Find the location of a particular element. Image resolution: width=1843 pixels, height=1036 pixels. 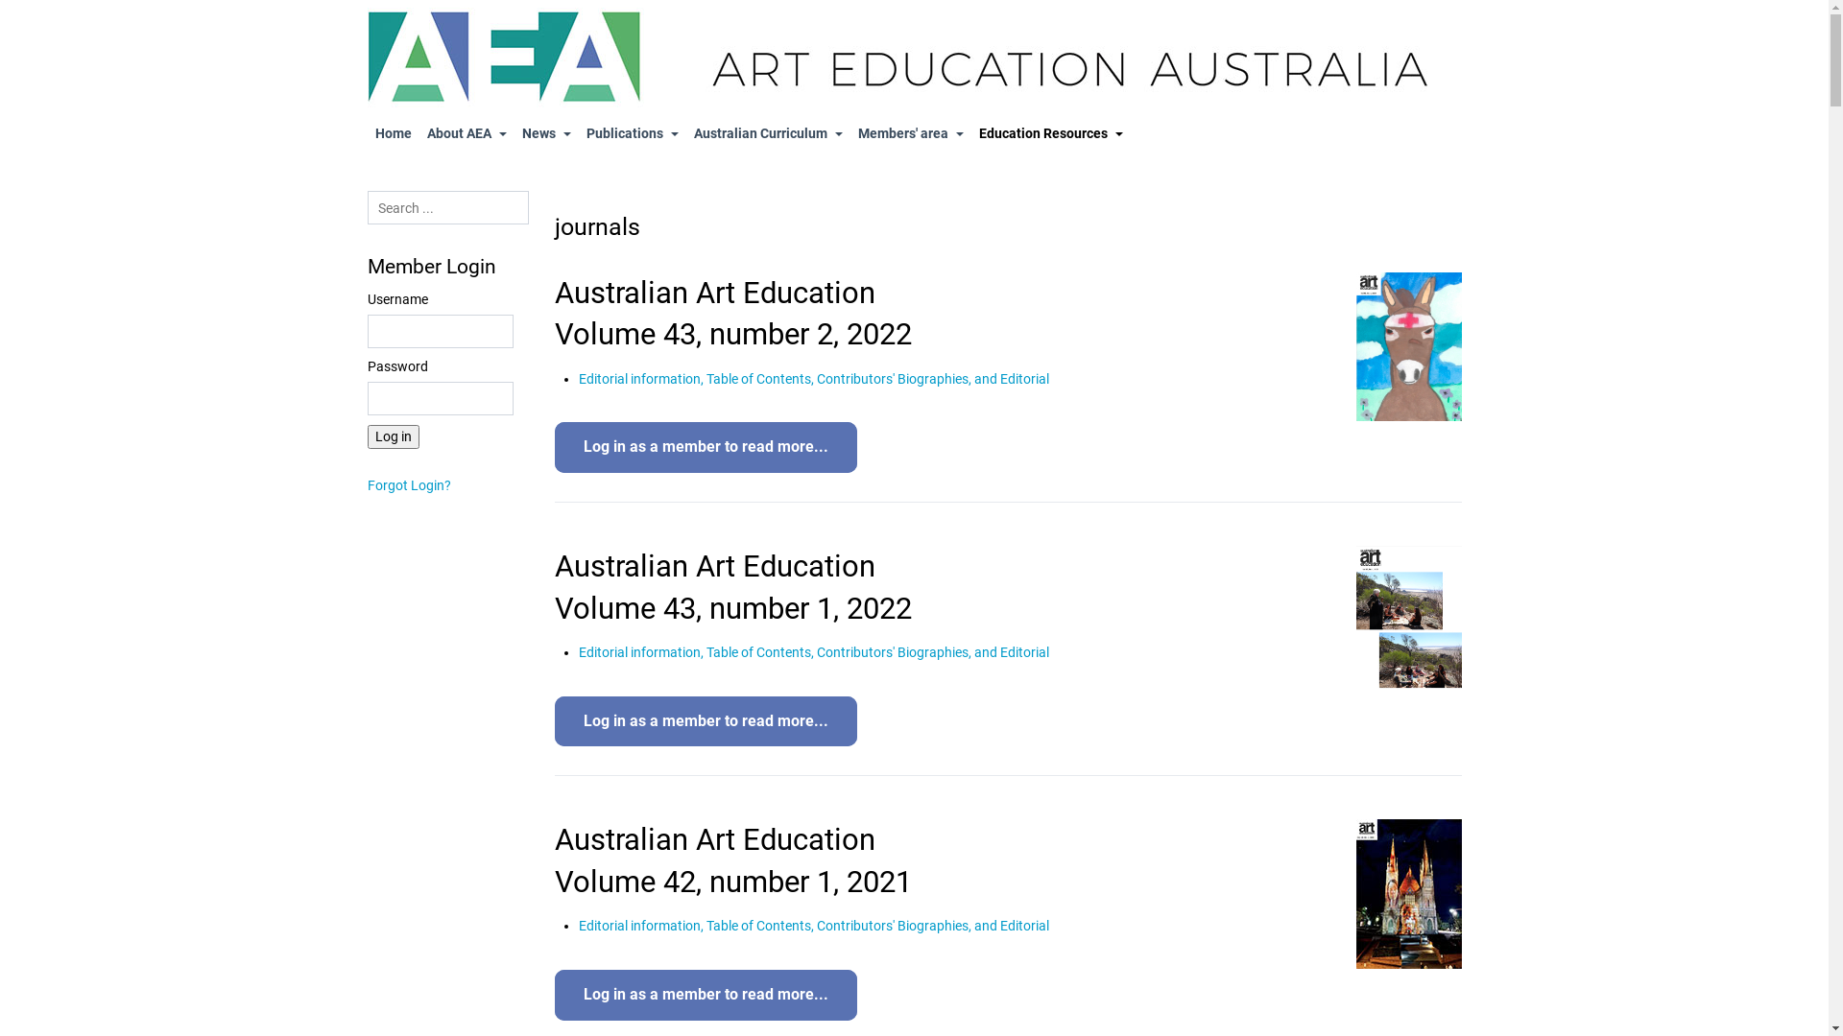

'News' is located at coordinates (545, 132).